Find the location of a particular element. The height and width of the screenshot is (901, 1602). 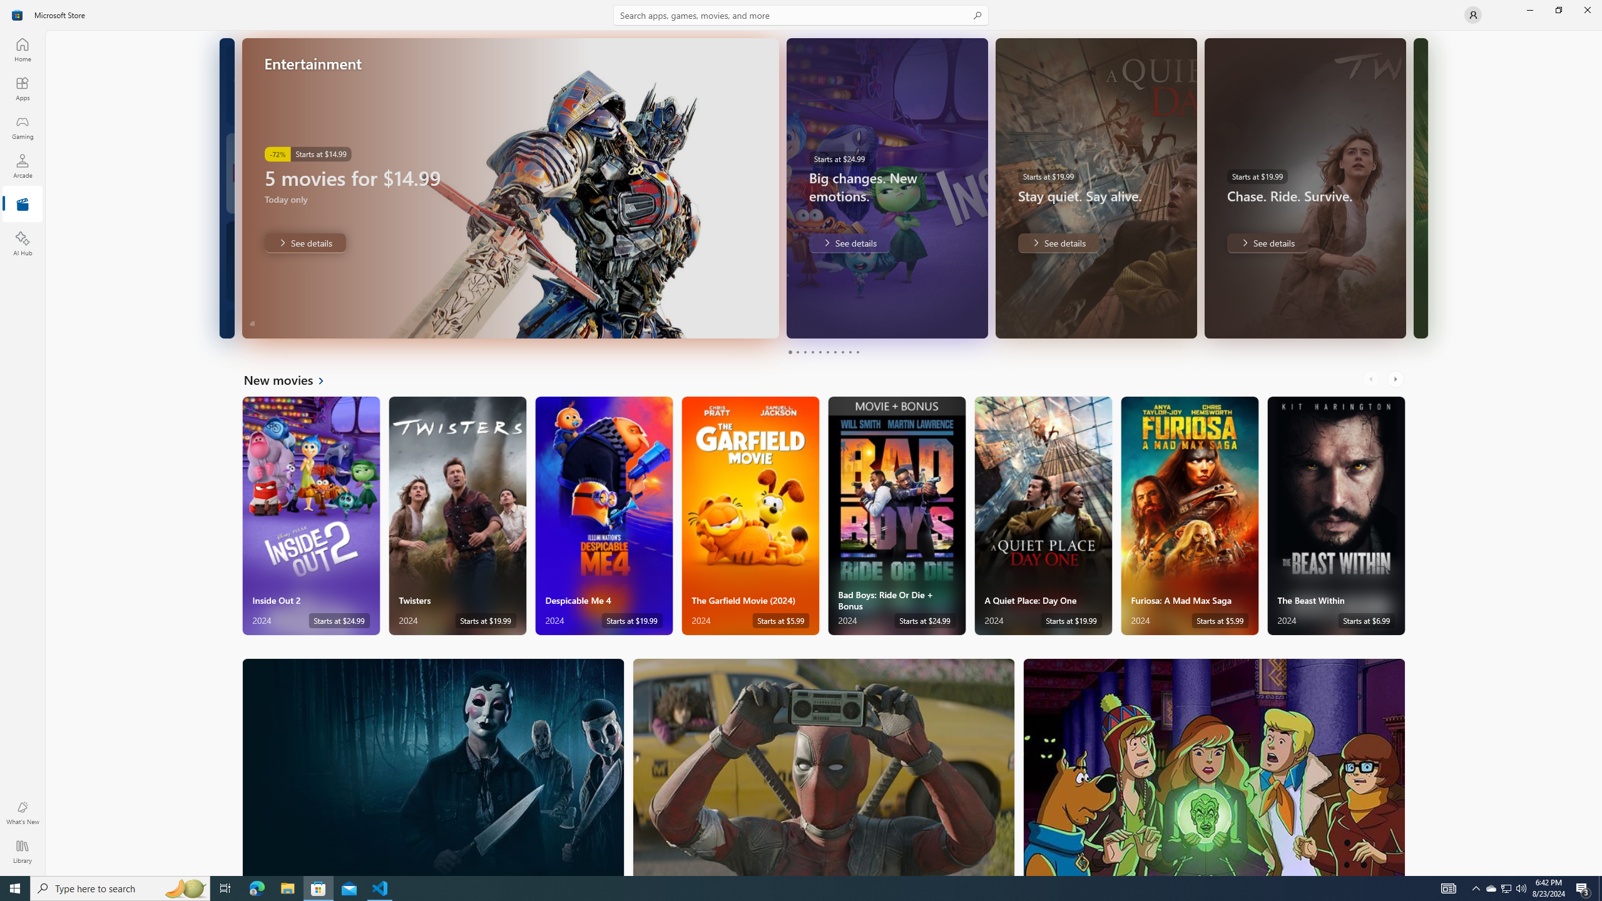

'Minimize Microsoft Store' is located at coordinates (1529, 9).